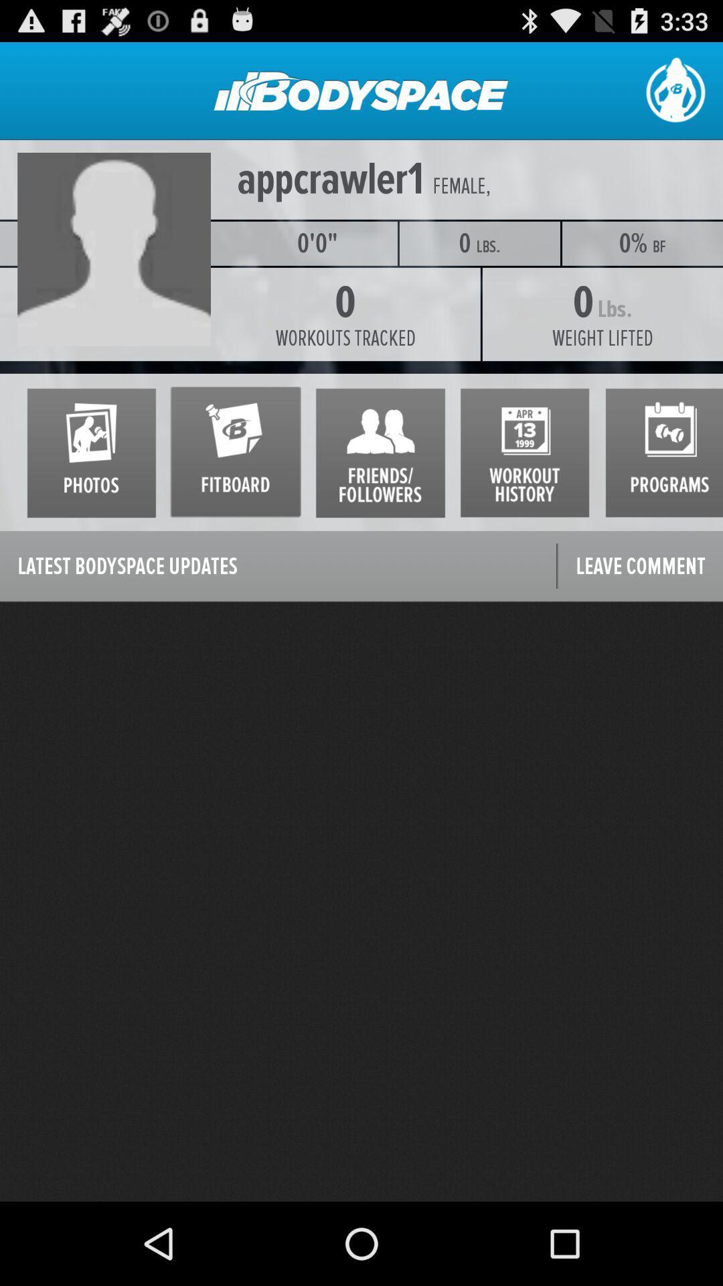 The height and width of the screenshot is (1286, 723). Describe the element at coordinates (604, 186) in the screenshot. I see `the icon above the 0% item` at that location.